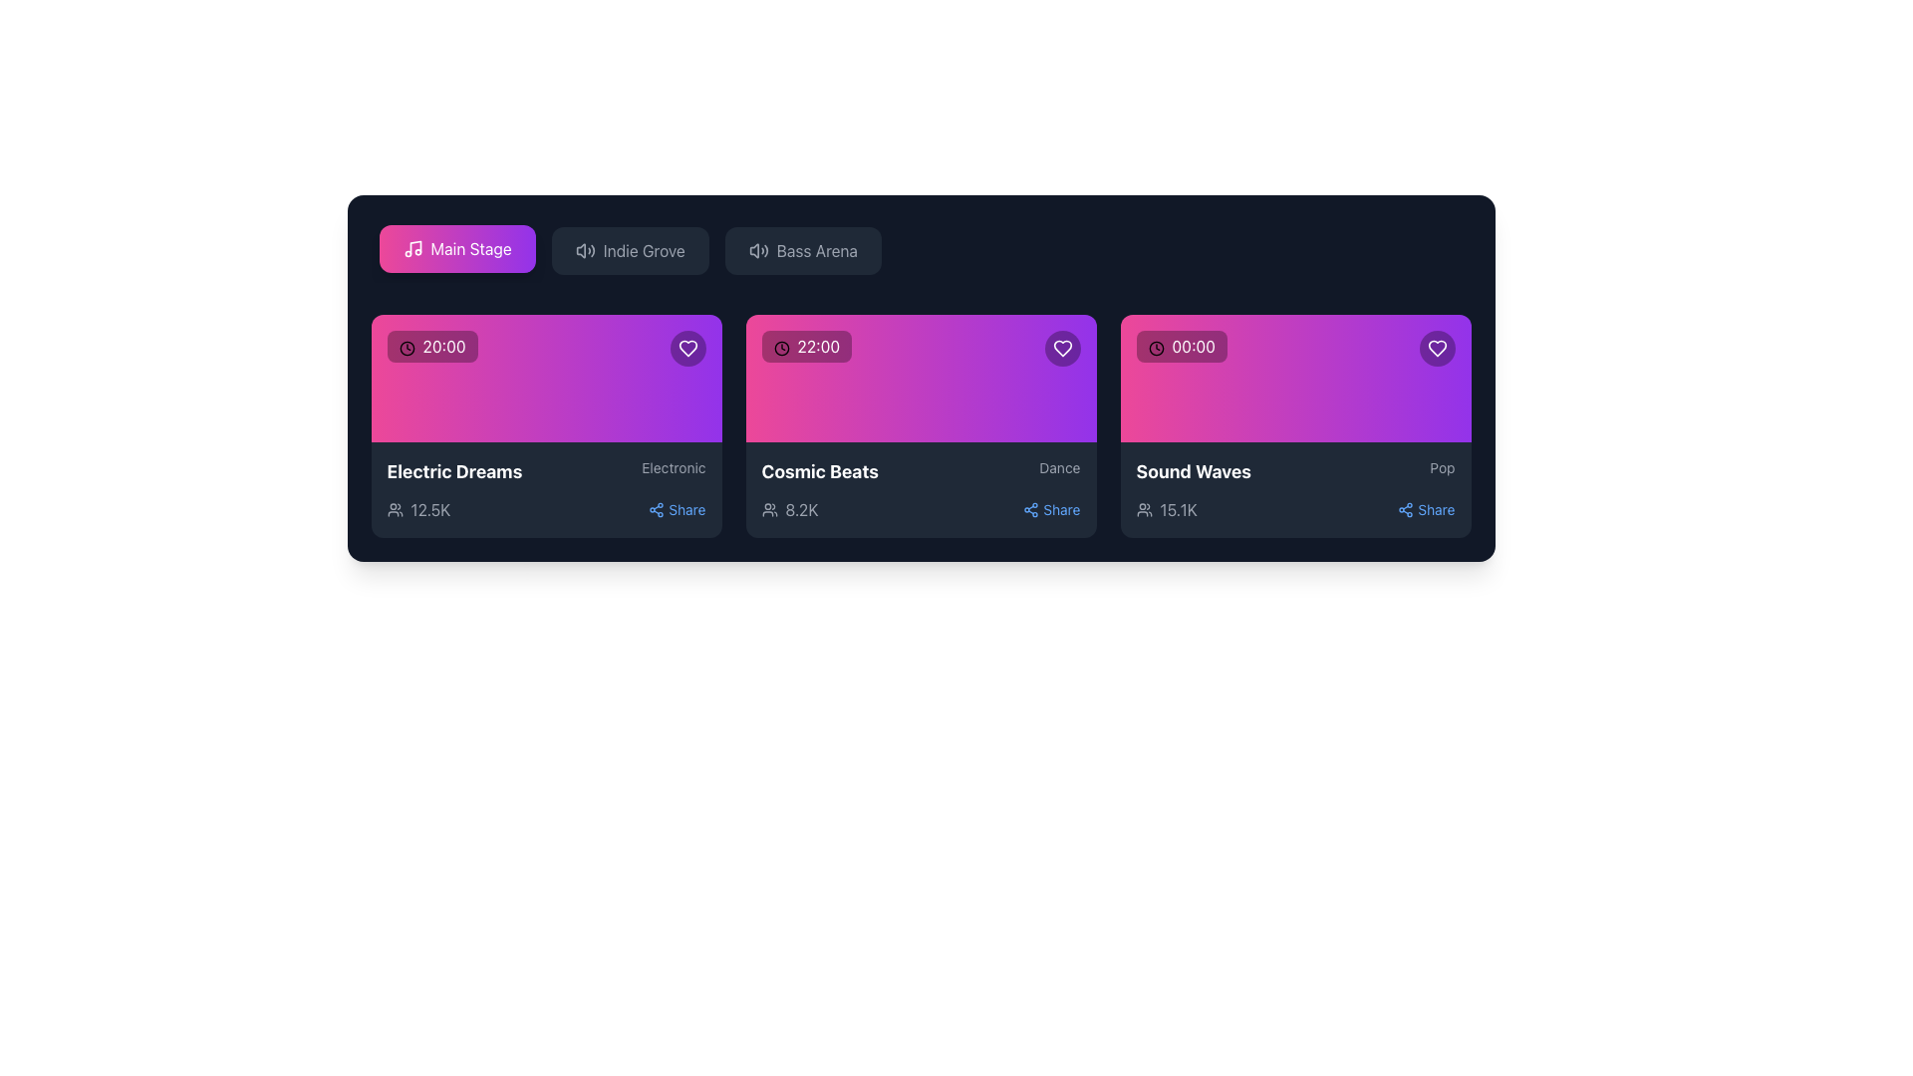  I want to click on the text indicator that represents the number of attendees for 'Electric Dreams', located in the lower-left section of the card panel, adjacent to the 'Share' label, so click(417, 509).